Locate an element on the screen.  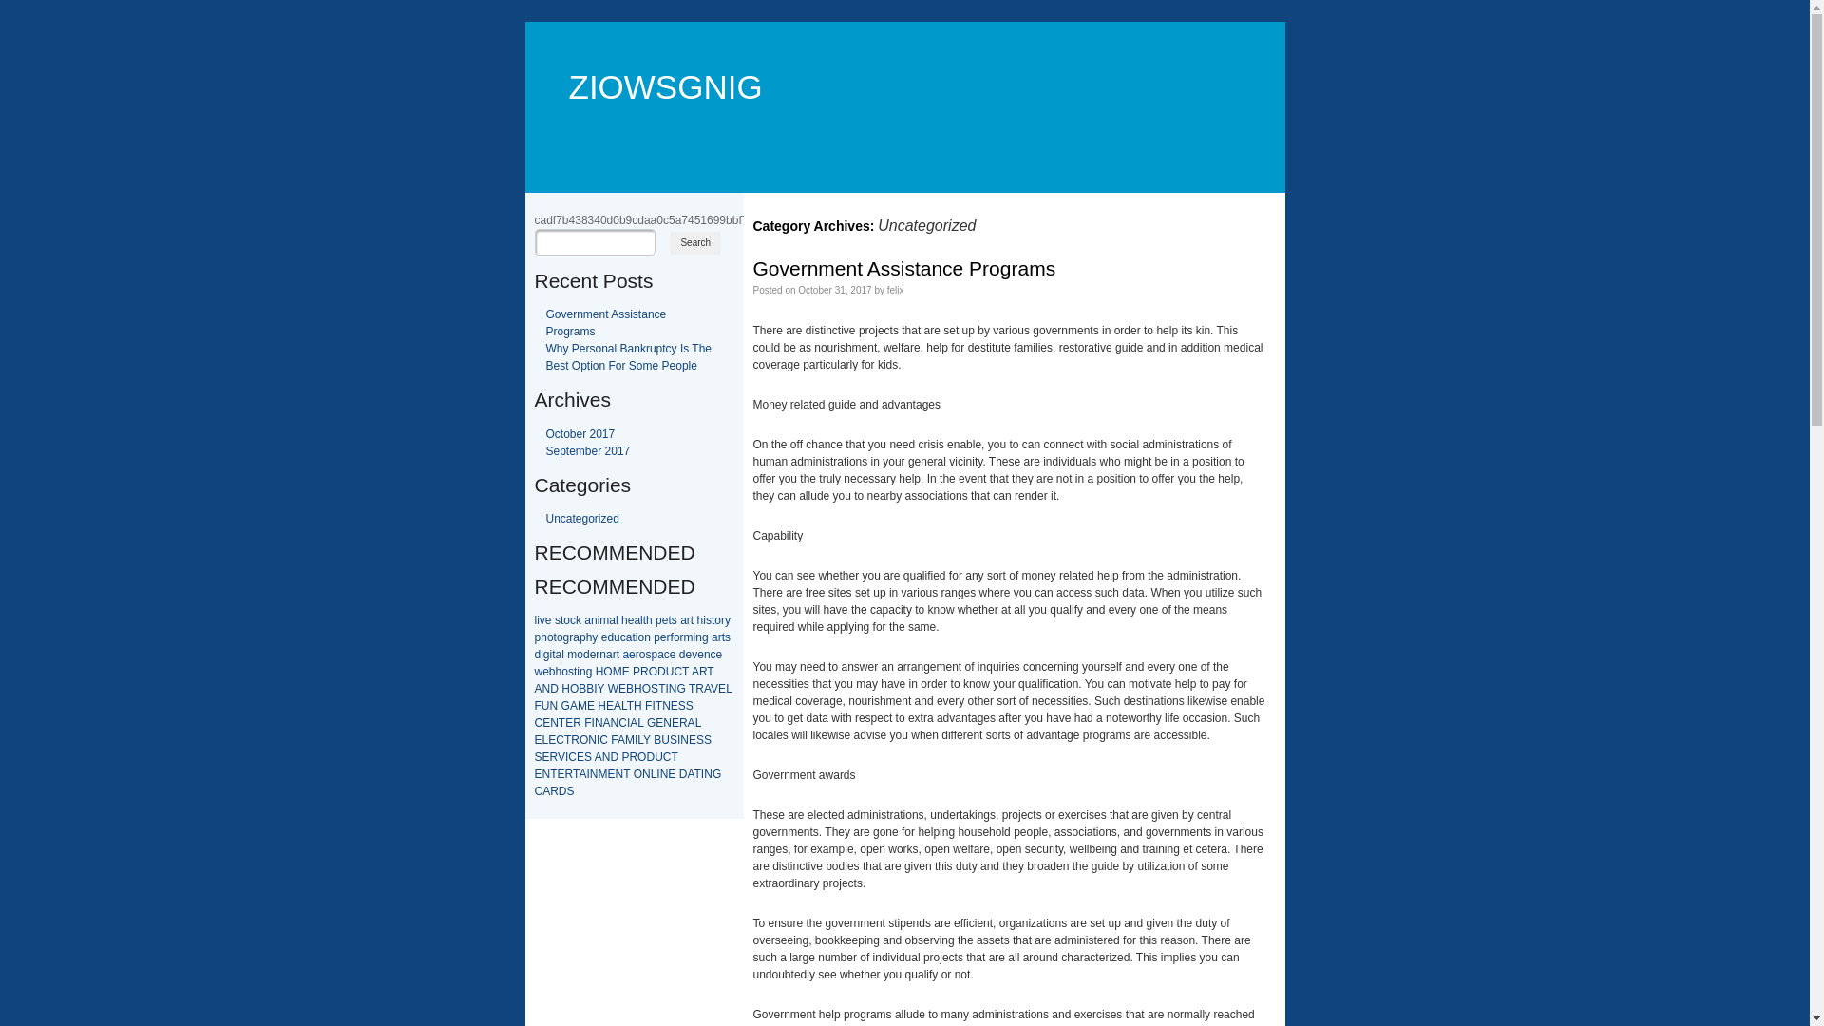
'a' is located at coordinates (683, 619).